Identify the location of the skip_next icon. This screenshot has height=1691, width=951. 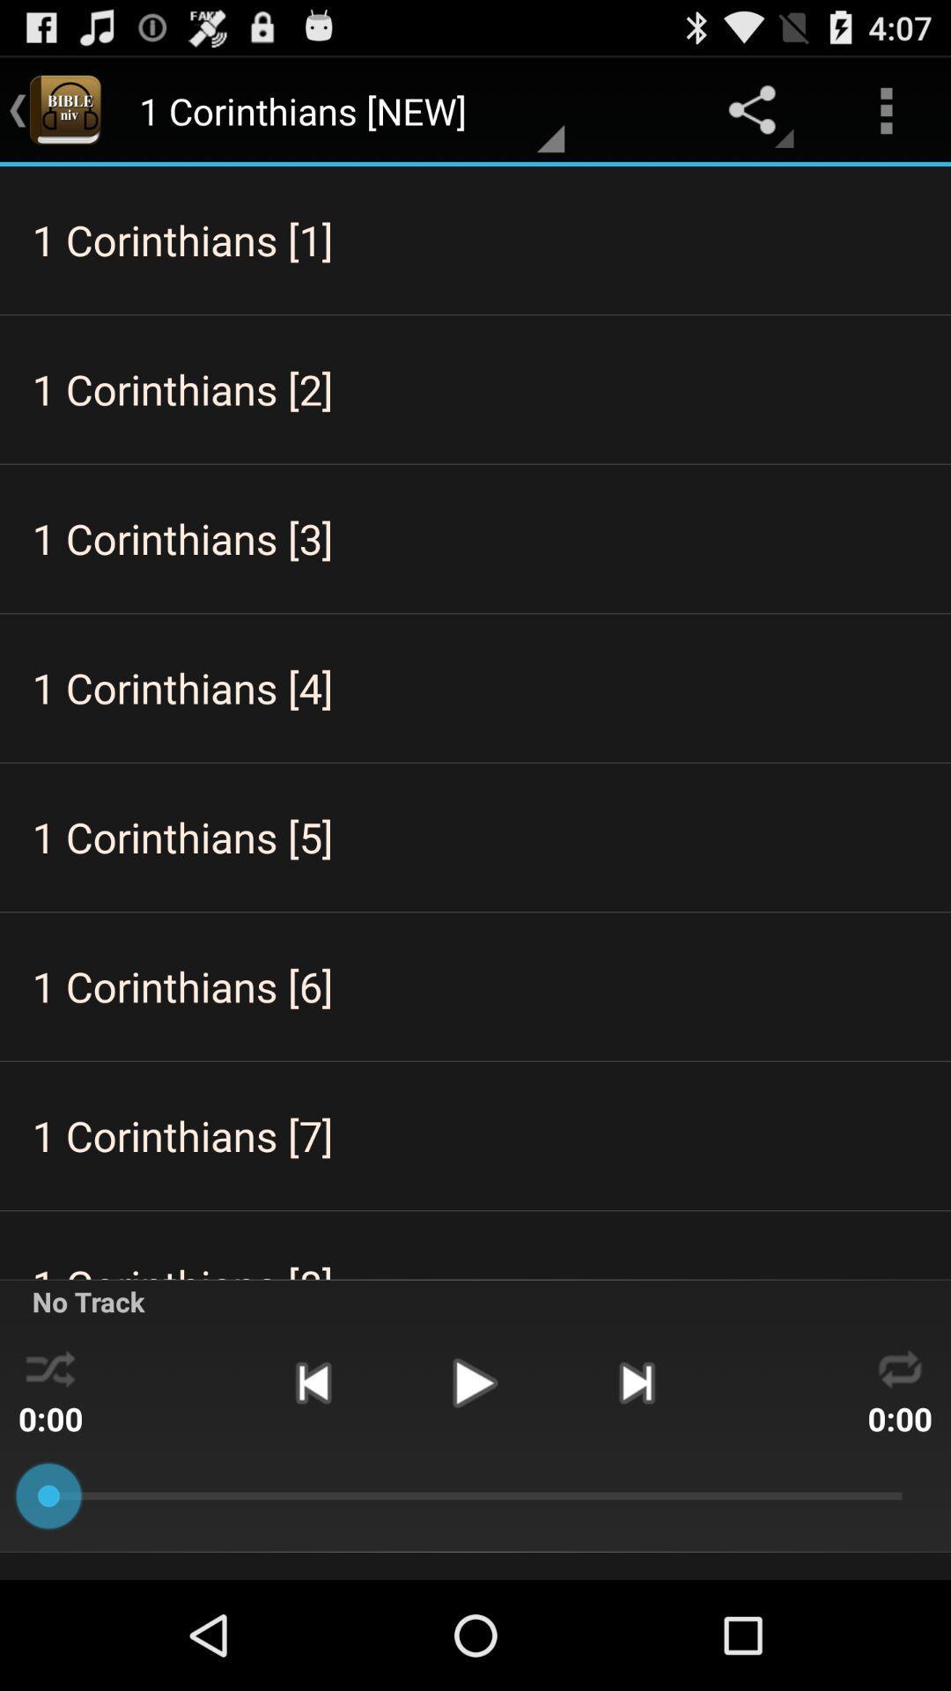
(637, 1480).